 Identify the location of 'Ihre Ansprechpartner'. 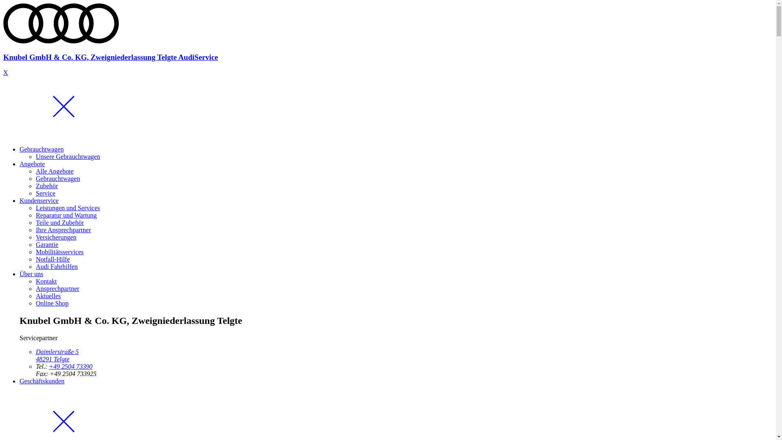
(63, 230).